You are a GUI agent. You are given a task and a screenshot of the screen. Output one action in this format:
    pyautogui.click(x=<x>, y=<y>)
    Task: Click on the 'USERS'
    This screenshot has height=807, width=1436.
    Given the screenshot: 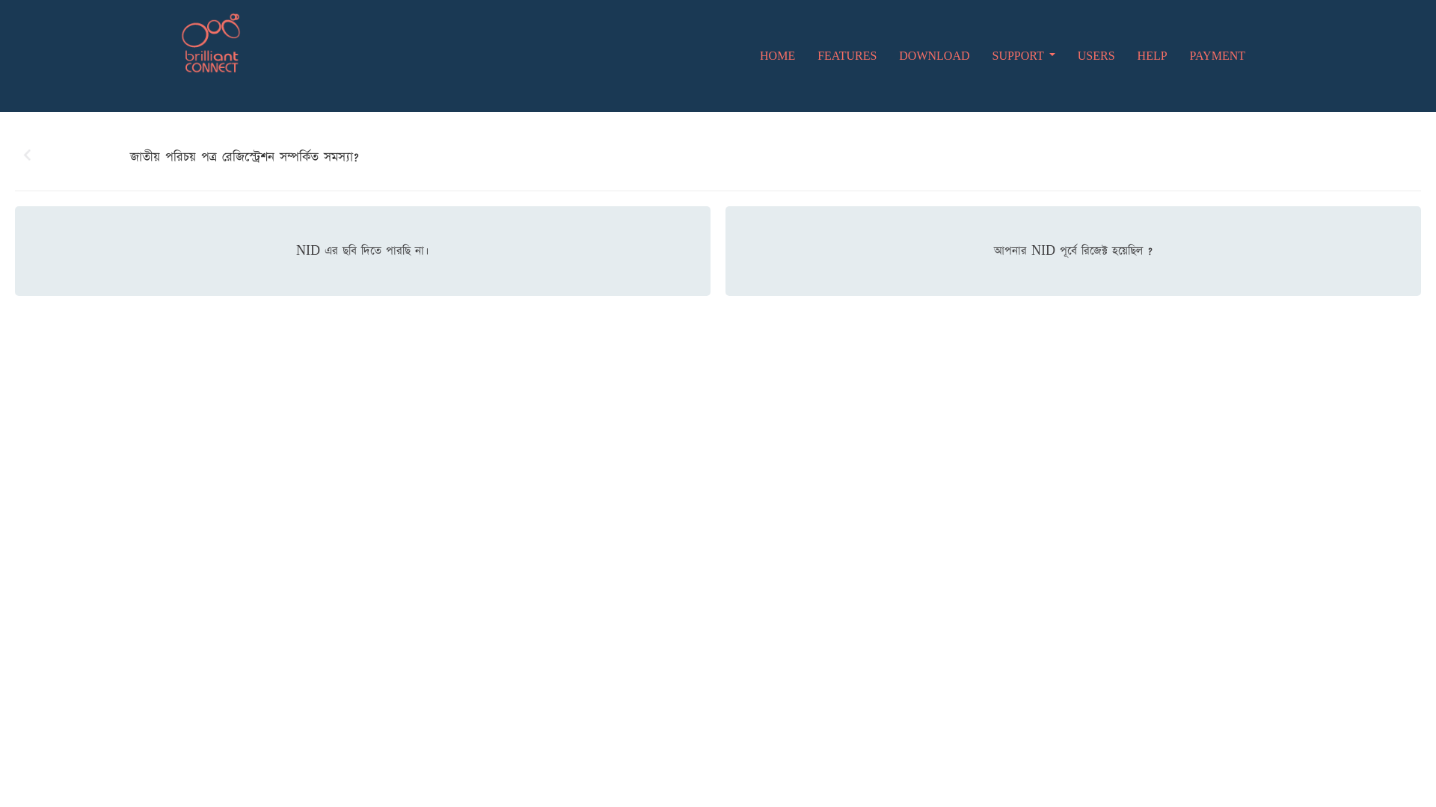 What is the action you would take?
    pyautogui.click(x=1065, y=55)
    